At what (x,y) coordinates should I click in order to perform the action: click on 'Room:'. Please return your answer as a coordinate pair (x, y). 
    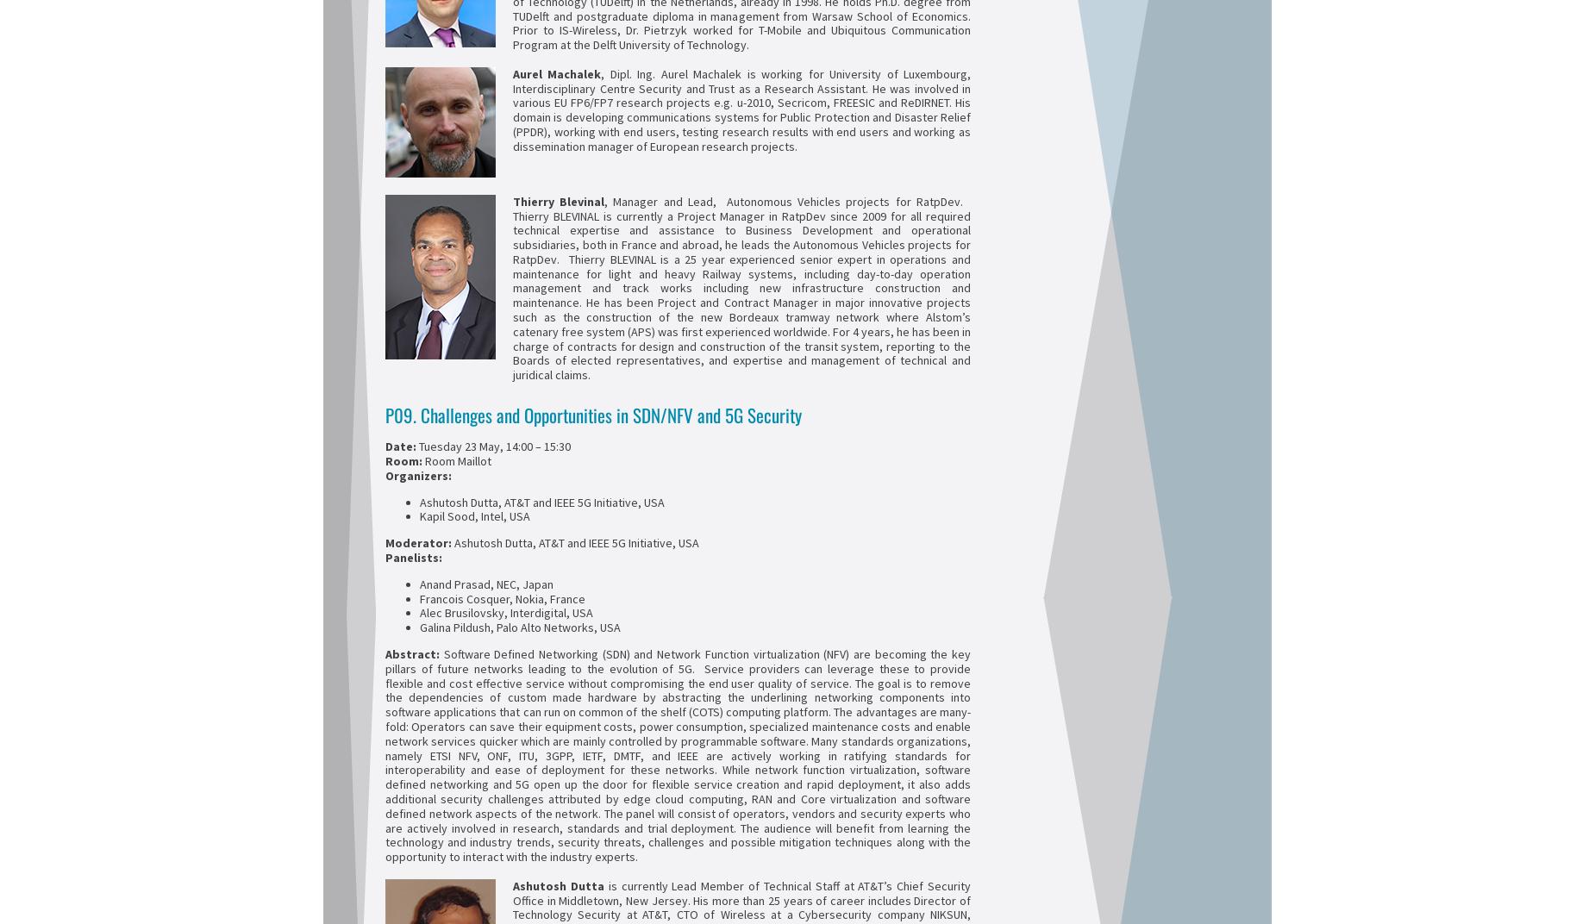
    Looking at the image, I should click on (405, 459).